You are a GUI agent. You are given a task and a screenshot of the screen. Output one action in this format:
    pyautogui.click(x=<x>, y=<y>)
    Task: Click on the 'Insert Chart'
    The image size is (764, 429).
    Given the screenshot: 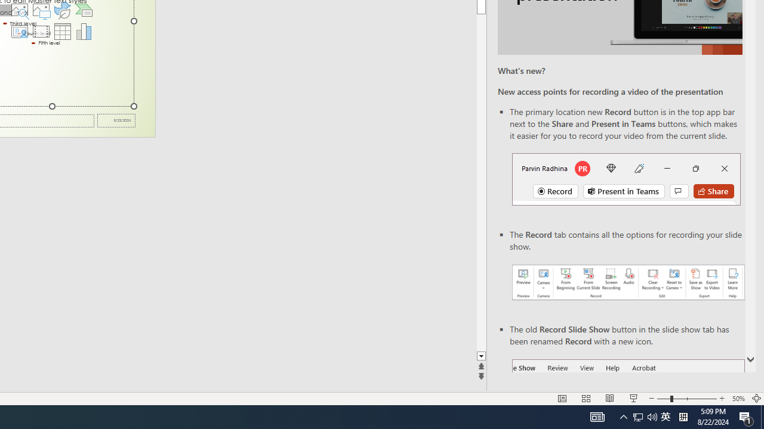 What is the action you would take?
    pyautogui.click(x=84, y=30)
    